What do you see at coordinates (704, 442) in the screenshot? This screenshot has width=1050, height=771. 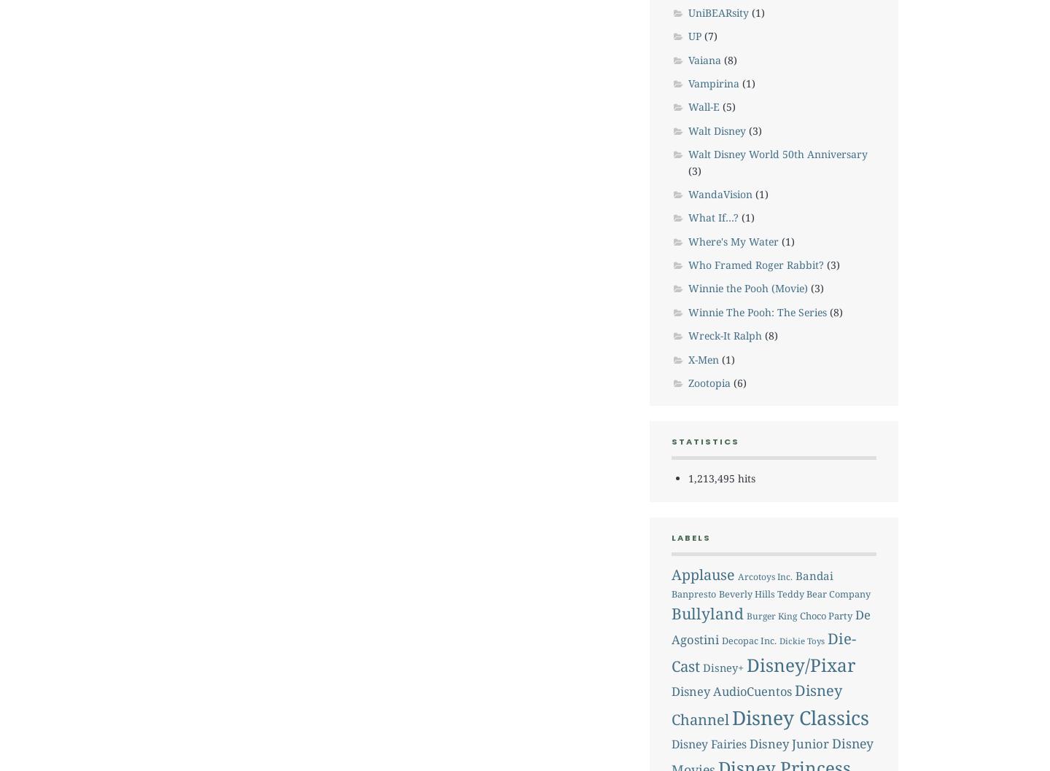 I see `'STATISTICS'` at bounding box center [704, 442].